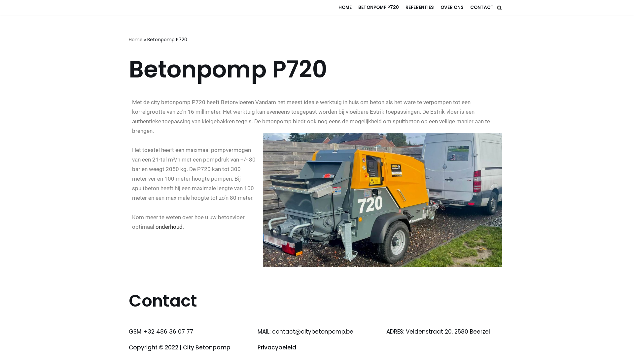  What do you see at coordinates (277, 347) in the screenshot?
I see `'Privacybeleid'` at bounding box center [277, 347].